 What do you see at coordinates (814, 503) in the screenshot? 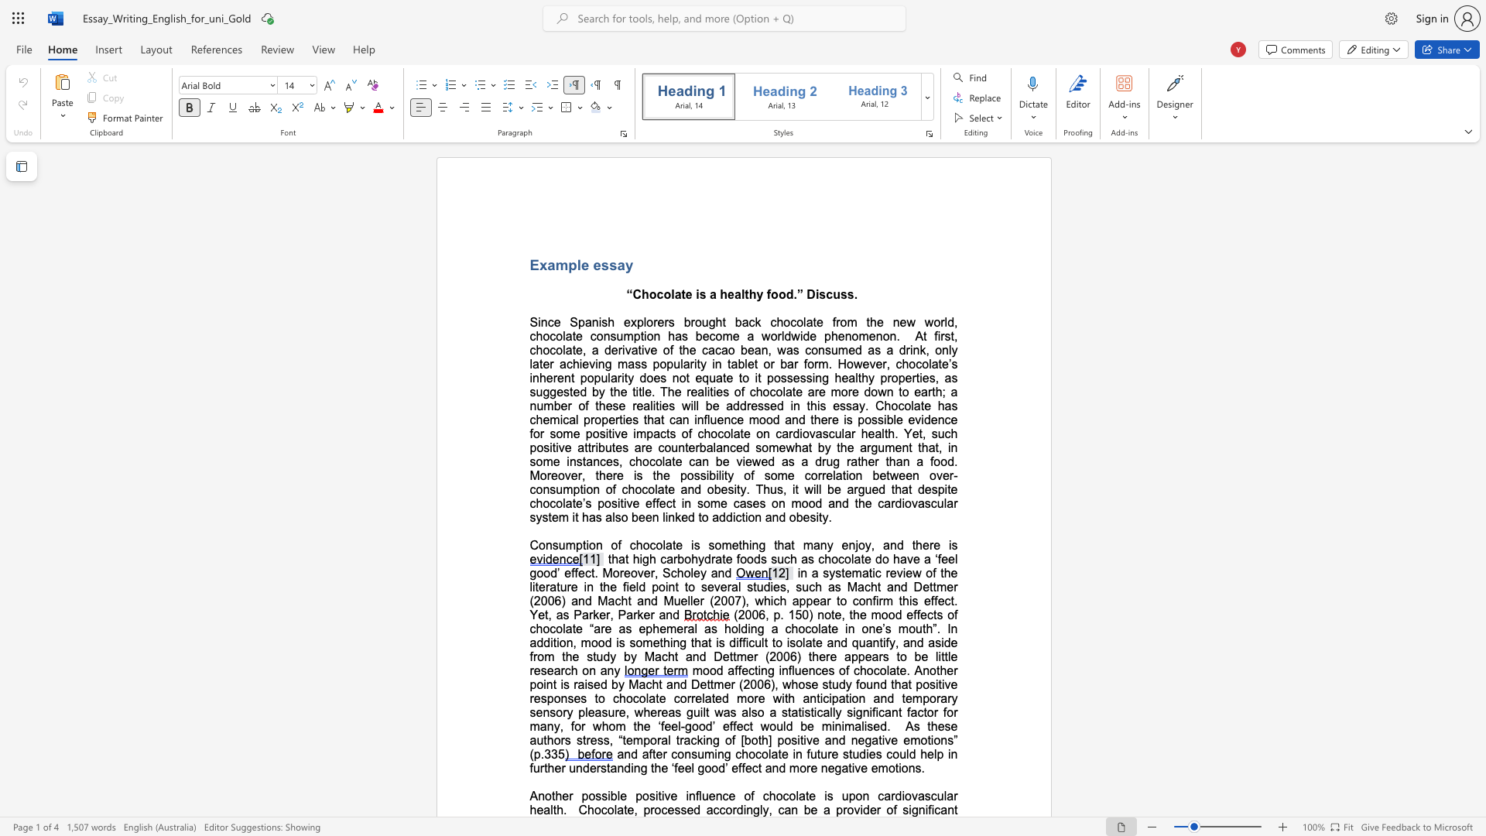
I see `the subset text "d and the cardiovascular system it has also been linked to addiction and o" within the text "the argument that, in some instances, chocolate can be viewed as a drug rather than a food. Moreover, there is the possibility of some correlation between over-consumption of chocolate and obesity. Thus, it will be argued that despite chocolate’s positive effect in some cases on mood and the cardiovascular system it has also been linked to addiction and obesity."` at bounding box center [814, 503].